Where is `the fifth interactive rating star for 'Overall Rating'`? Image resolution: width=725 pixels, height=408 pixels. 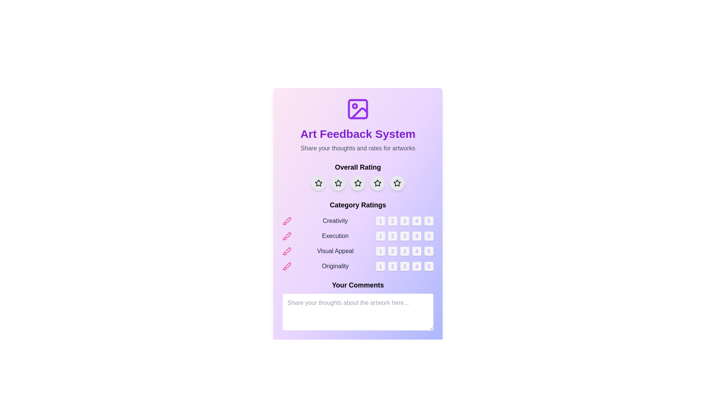 the fifth interactive rating star for 'Overall Rating' is located at coordinates (396, 183).